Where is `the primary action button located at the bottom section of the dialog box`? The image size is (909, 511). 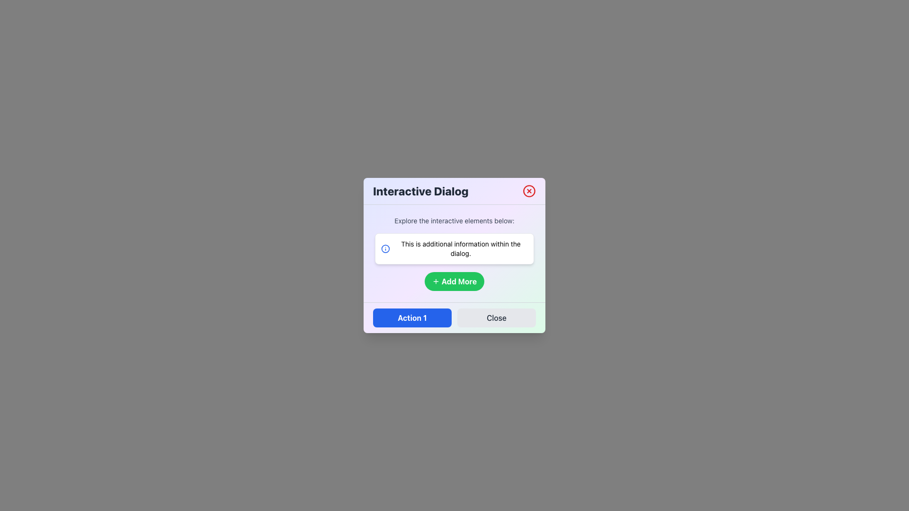 the primary action button located at the bottom section of the dialog box is located at coordinates (412, 317).